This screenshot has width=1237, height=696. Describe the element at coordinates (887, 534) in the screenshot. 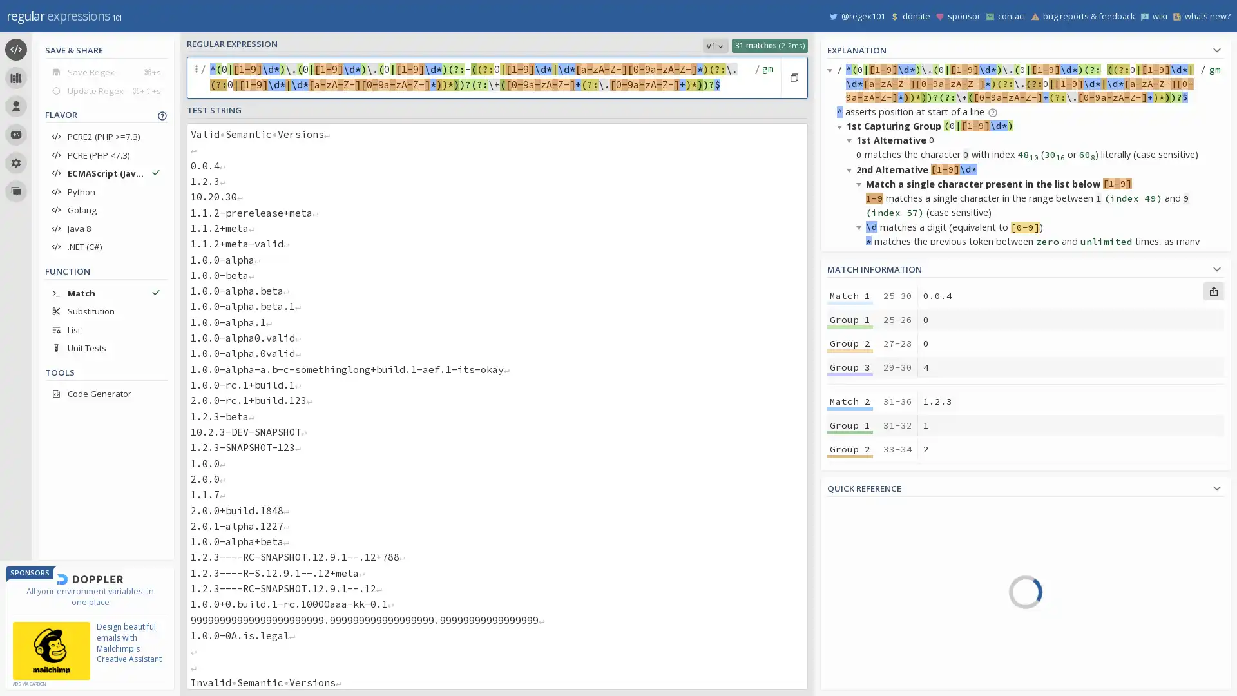

I see `All Tokens` at that location.